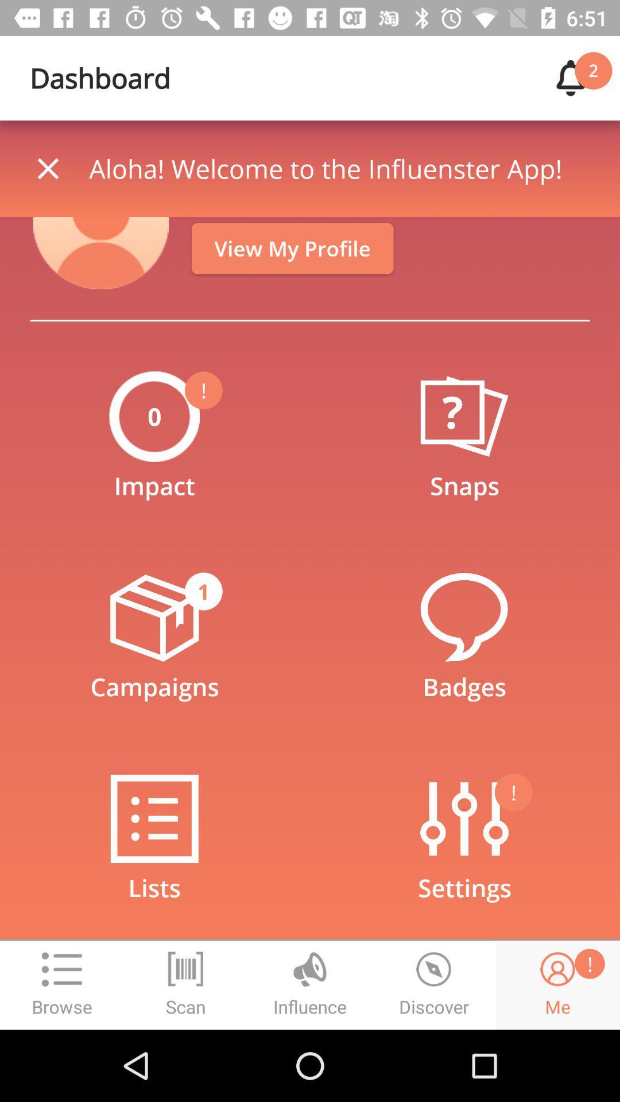 The height and width of the screenshot is (1102, 620). I want to click on the time icon, so click(434, 984).